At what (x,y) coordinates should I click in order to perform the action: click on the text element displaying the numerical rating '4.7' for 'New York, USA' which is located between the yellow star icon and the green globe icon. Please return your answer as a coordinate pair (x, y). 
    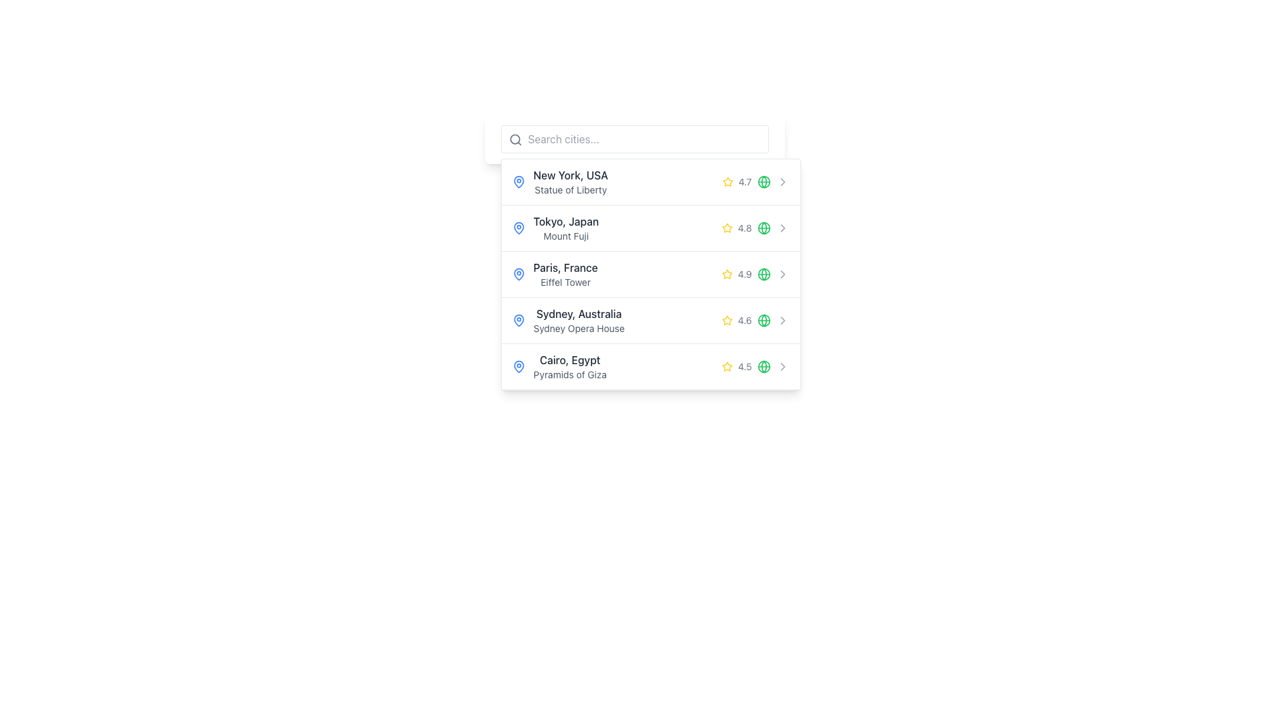
    Looking at the image, I should click on (745, 182).